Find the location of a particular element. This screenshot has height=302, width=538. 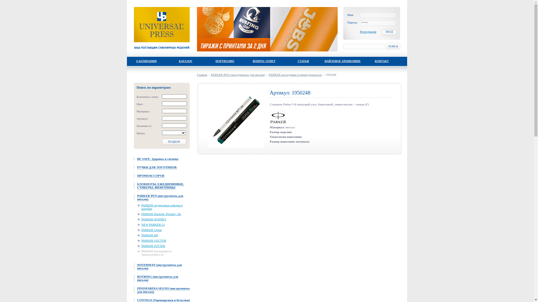

'PARKER VECTOR' is located at coordinates (152, 240).